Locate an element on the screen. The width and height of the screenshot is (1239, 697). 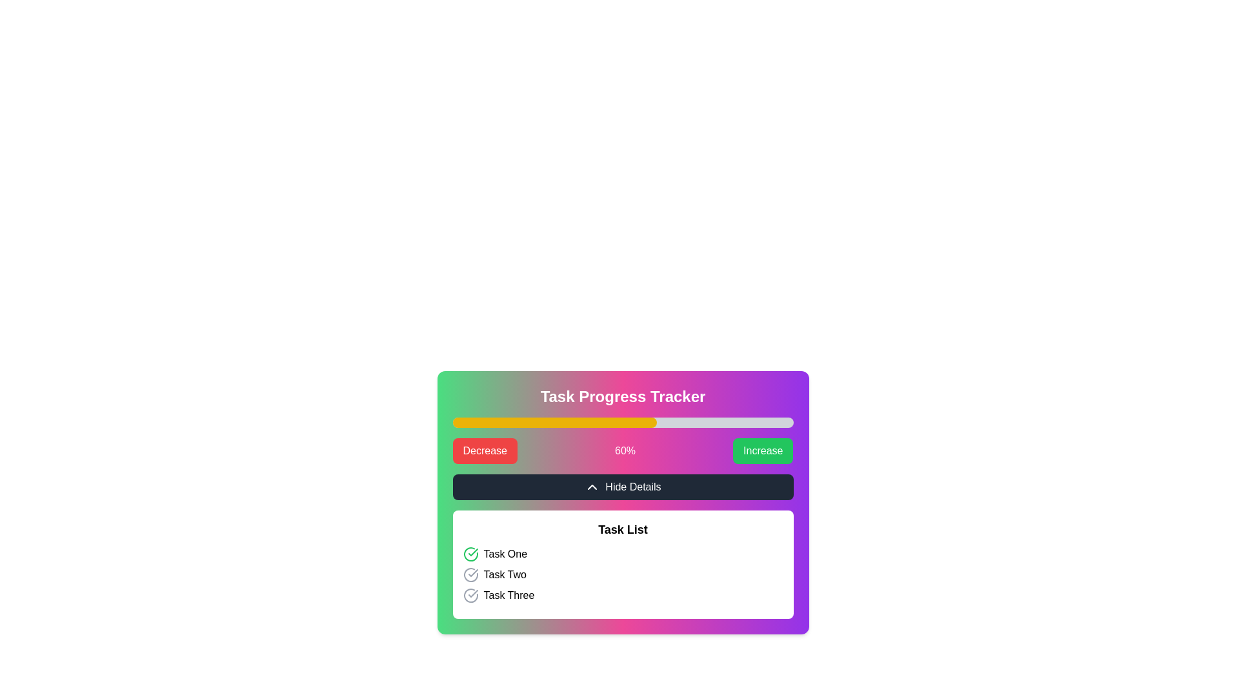
the button used to increase a value, positioned to the right of the red 'Decrease' button and next to the '60%' text is located at coordinates (763, 450).